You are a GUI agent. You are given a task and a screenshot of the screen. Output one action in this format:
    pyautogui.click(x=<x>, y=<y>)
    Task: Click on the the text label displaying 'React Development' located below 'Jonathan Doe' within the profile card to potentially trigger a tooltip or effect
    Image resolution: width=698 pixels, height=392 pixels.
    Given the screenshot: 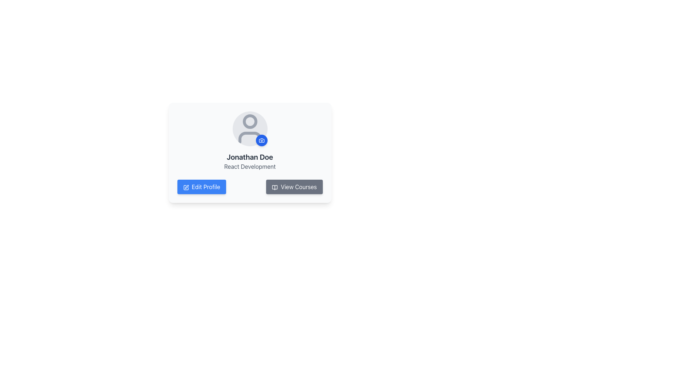 What is the action you would take?
    pyautogui.click(x=250, y=167)
    